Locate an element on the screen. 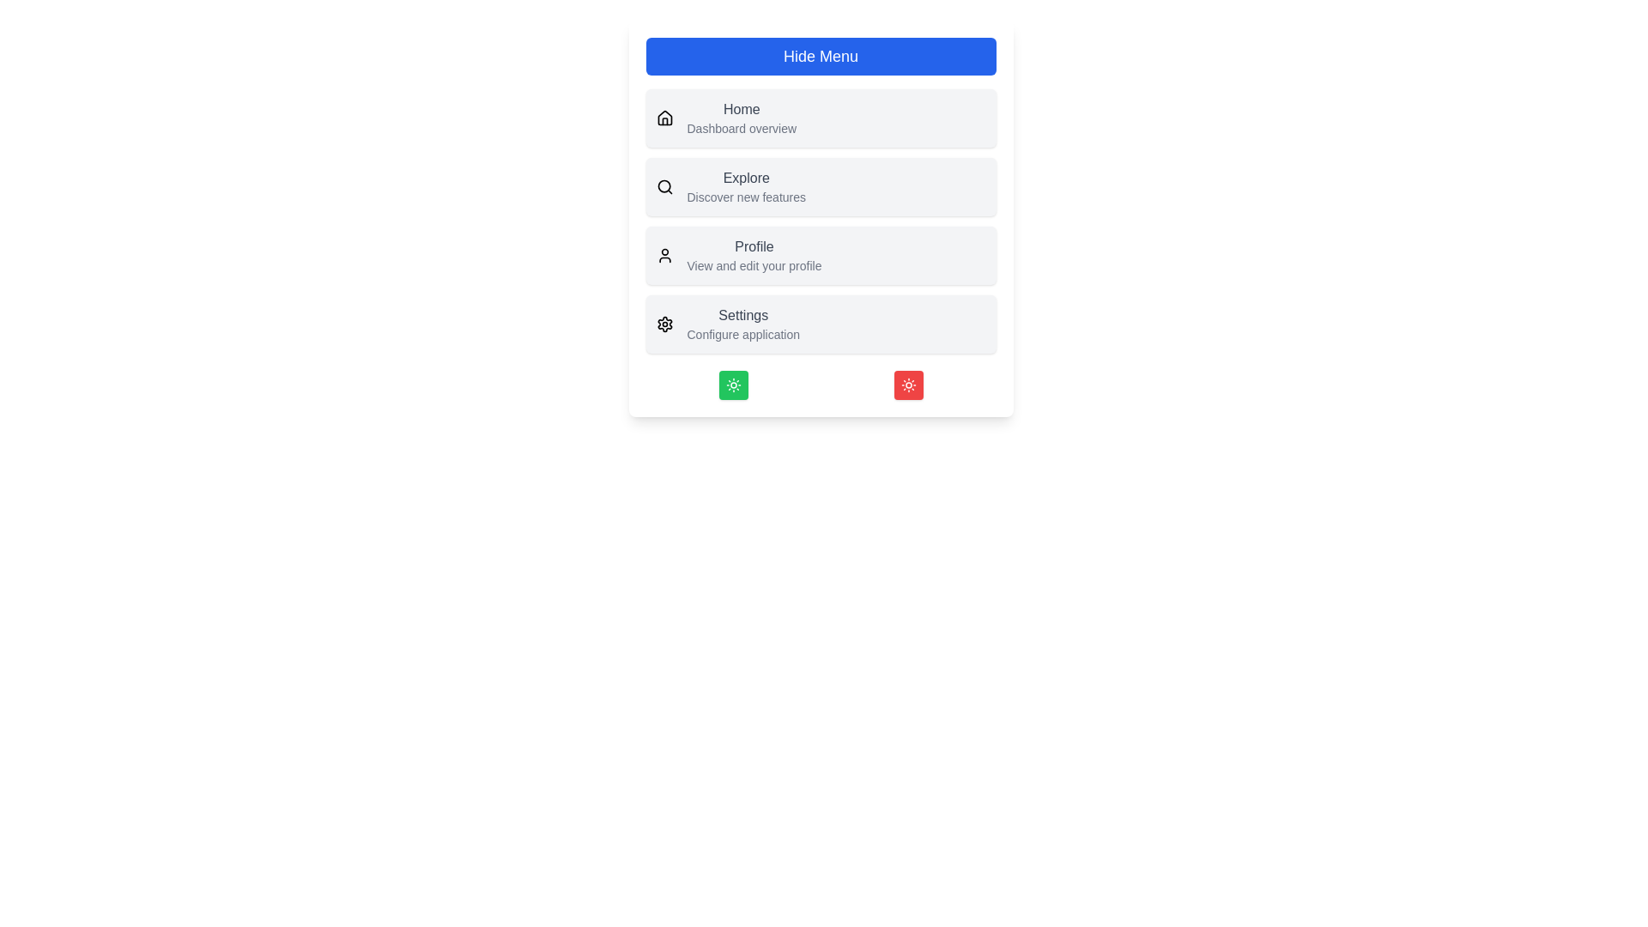 Image resolution: width=1648 pixels, height=927 pixels. the green action button at the bottom is located at coordinates (733, 384).